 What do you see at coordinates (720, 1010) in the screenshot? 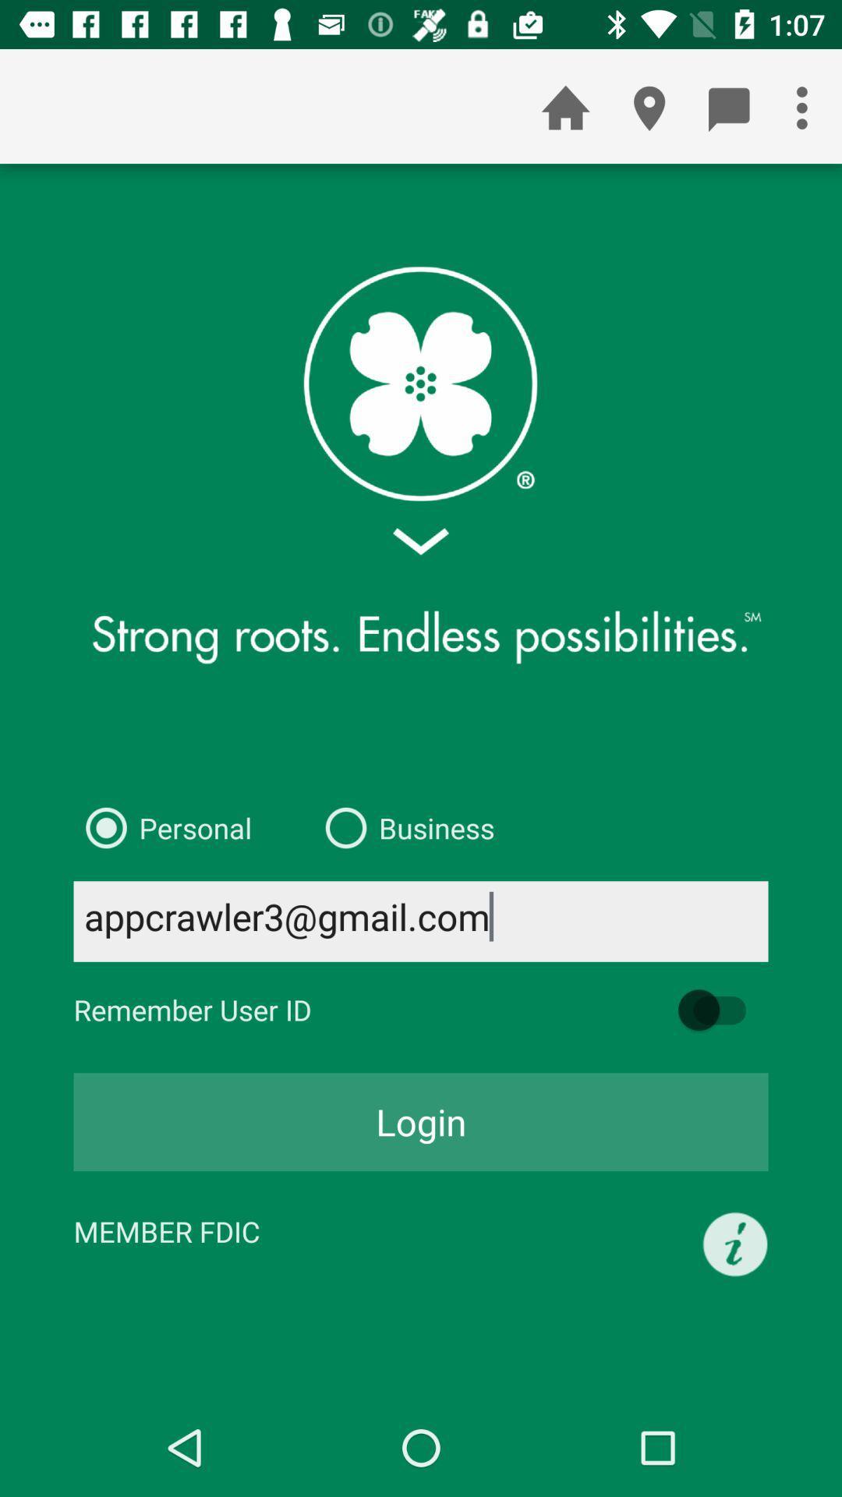
I see `remember user id option` at bounding box center [720, 1010].